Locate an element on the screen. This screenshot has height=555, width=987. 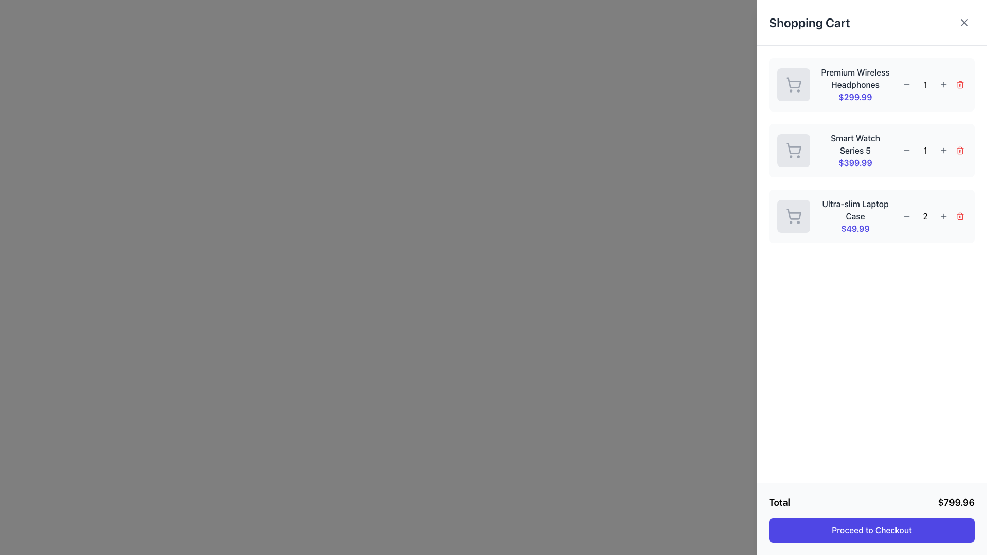
the Text Label displaying the price '$49.99' styled in bold indigo-colored text, located below the product title 'Ultra-slim Laptop Case' in the third product card of the shopping cart interface is located at coordinates (855, 228).